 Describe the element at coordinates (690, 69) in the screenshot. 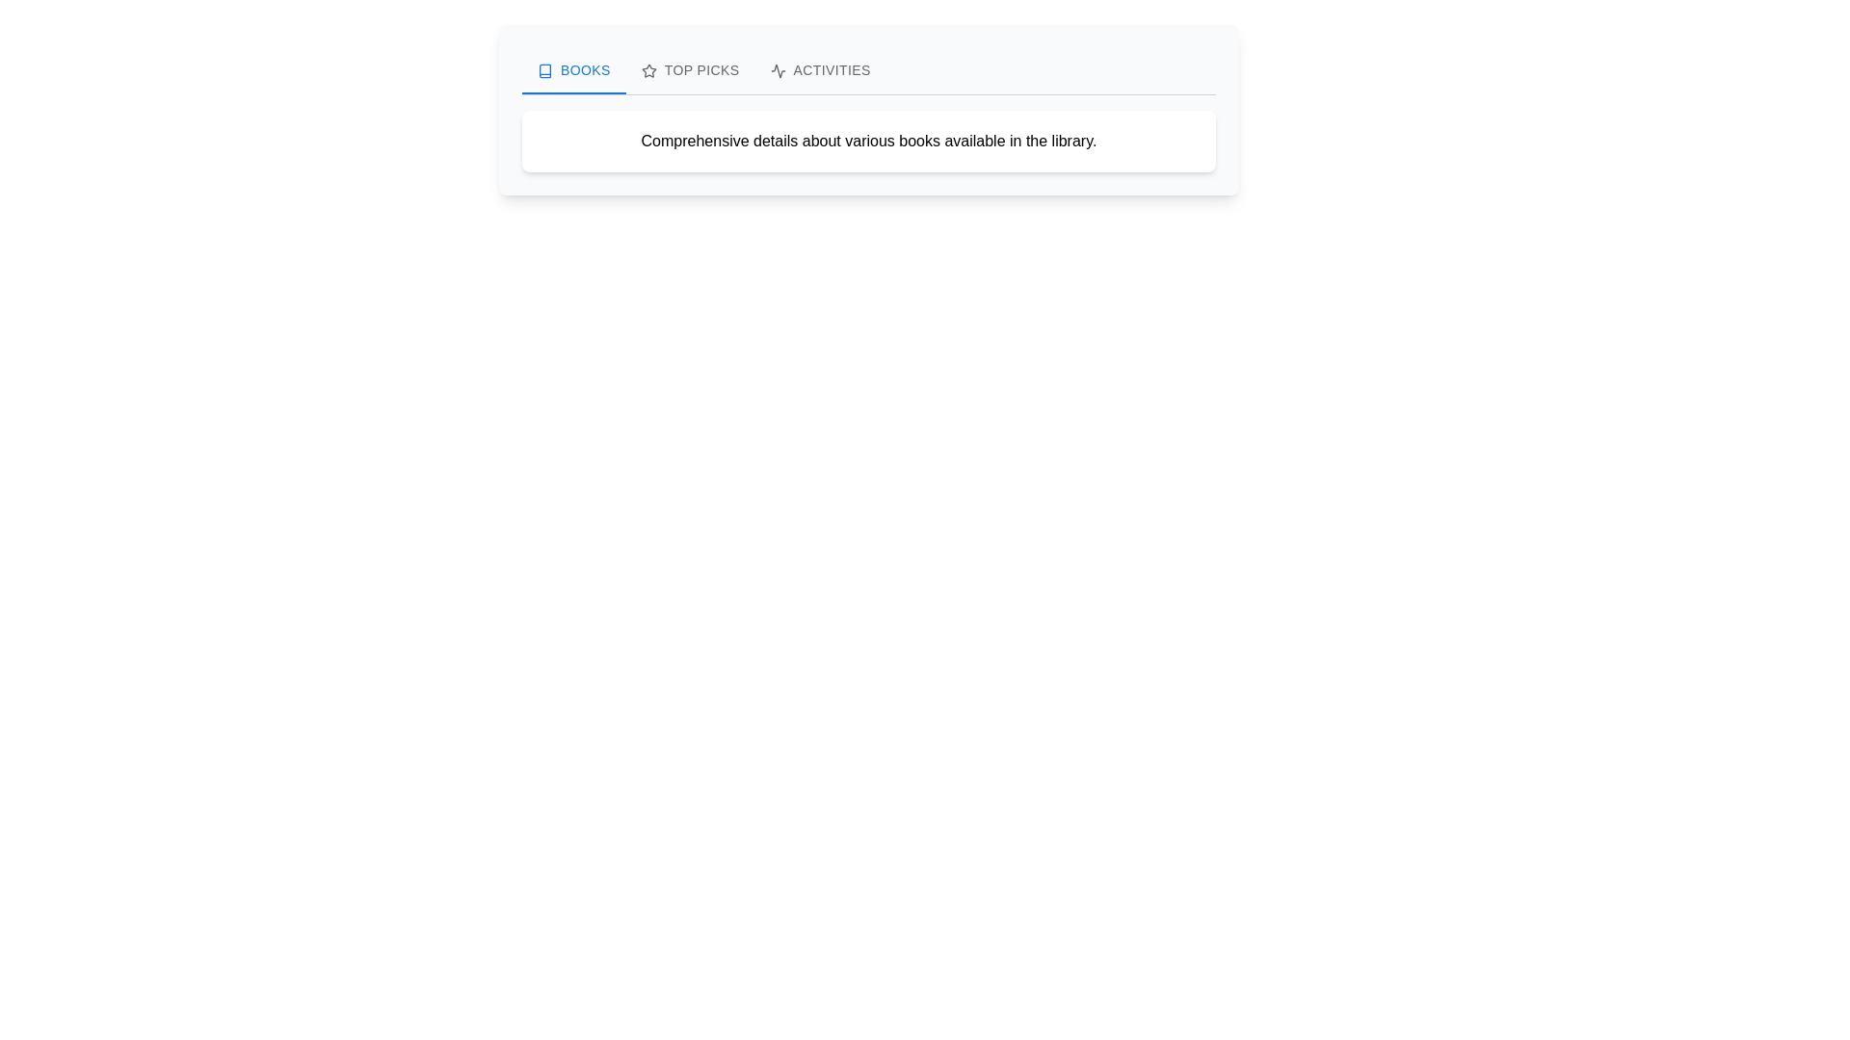

I see `the 'Top Picks' tab button, which is the second tab in the tab interface and is labeled with uppercase text and a star icon to the left` at that location.